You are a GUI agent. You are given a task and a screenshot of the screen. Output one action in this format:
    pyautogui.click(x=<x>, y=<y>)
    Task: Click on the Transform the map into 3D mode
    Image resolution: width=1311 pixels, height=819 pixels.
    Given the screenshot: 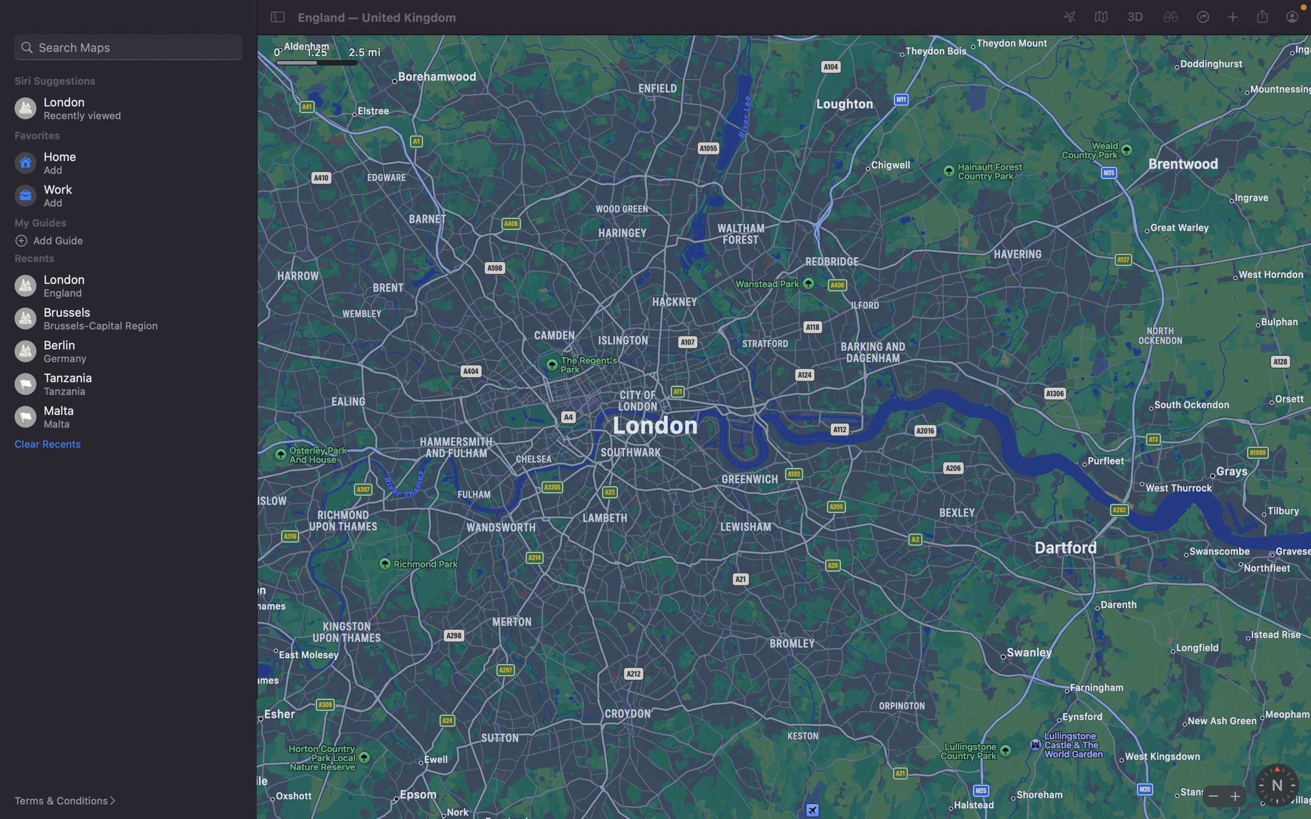 What is the action you would take?
    pyautogui.click(x=1134, y=16)
    